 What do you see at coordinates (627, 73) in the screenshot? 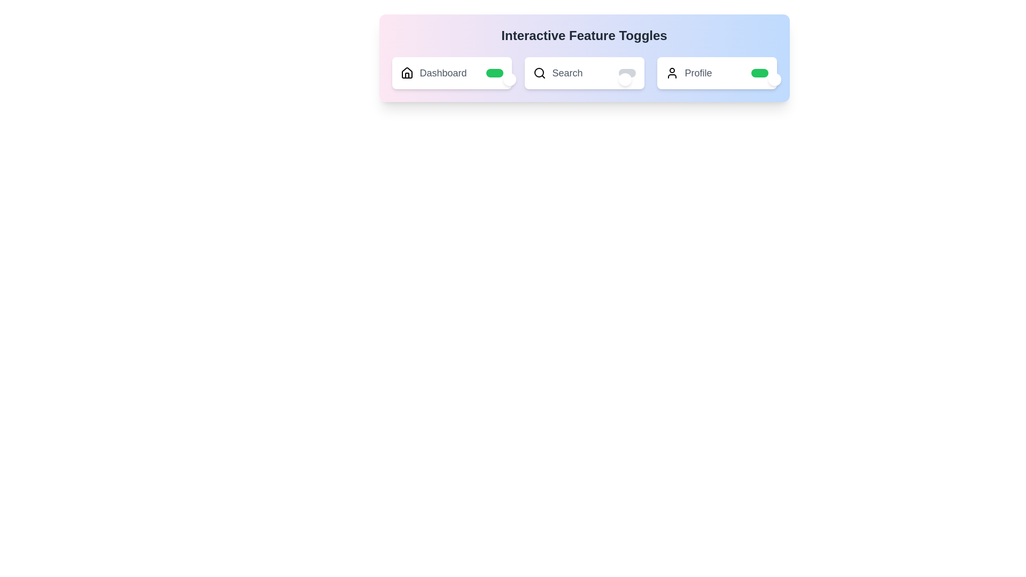
I see `the toggle button for the 'Search' feature to change its state` at bounding box center [627, 73].